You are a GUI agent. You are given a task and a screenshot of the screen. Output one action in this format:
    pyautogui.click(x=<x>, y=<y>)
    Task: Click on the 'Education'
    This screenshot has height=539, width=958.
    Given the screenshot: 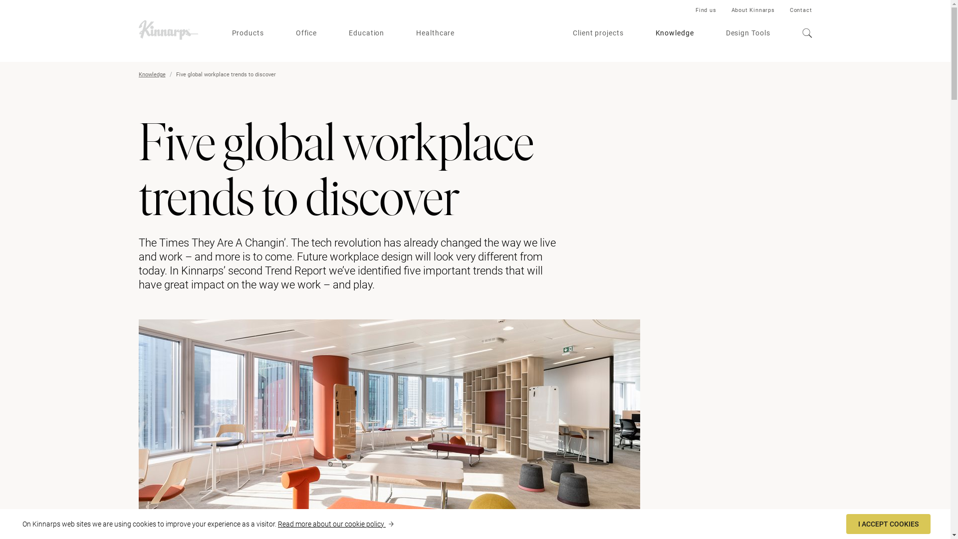 What is the action you would take?
    pyautogui.click(x=366, y=32)
    